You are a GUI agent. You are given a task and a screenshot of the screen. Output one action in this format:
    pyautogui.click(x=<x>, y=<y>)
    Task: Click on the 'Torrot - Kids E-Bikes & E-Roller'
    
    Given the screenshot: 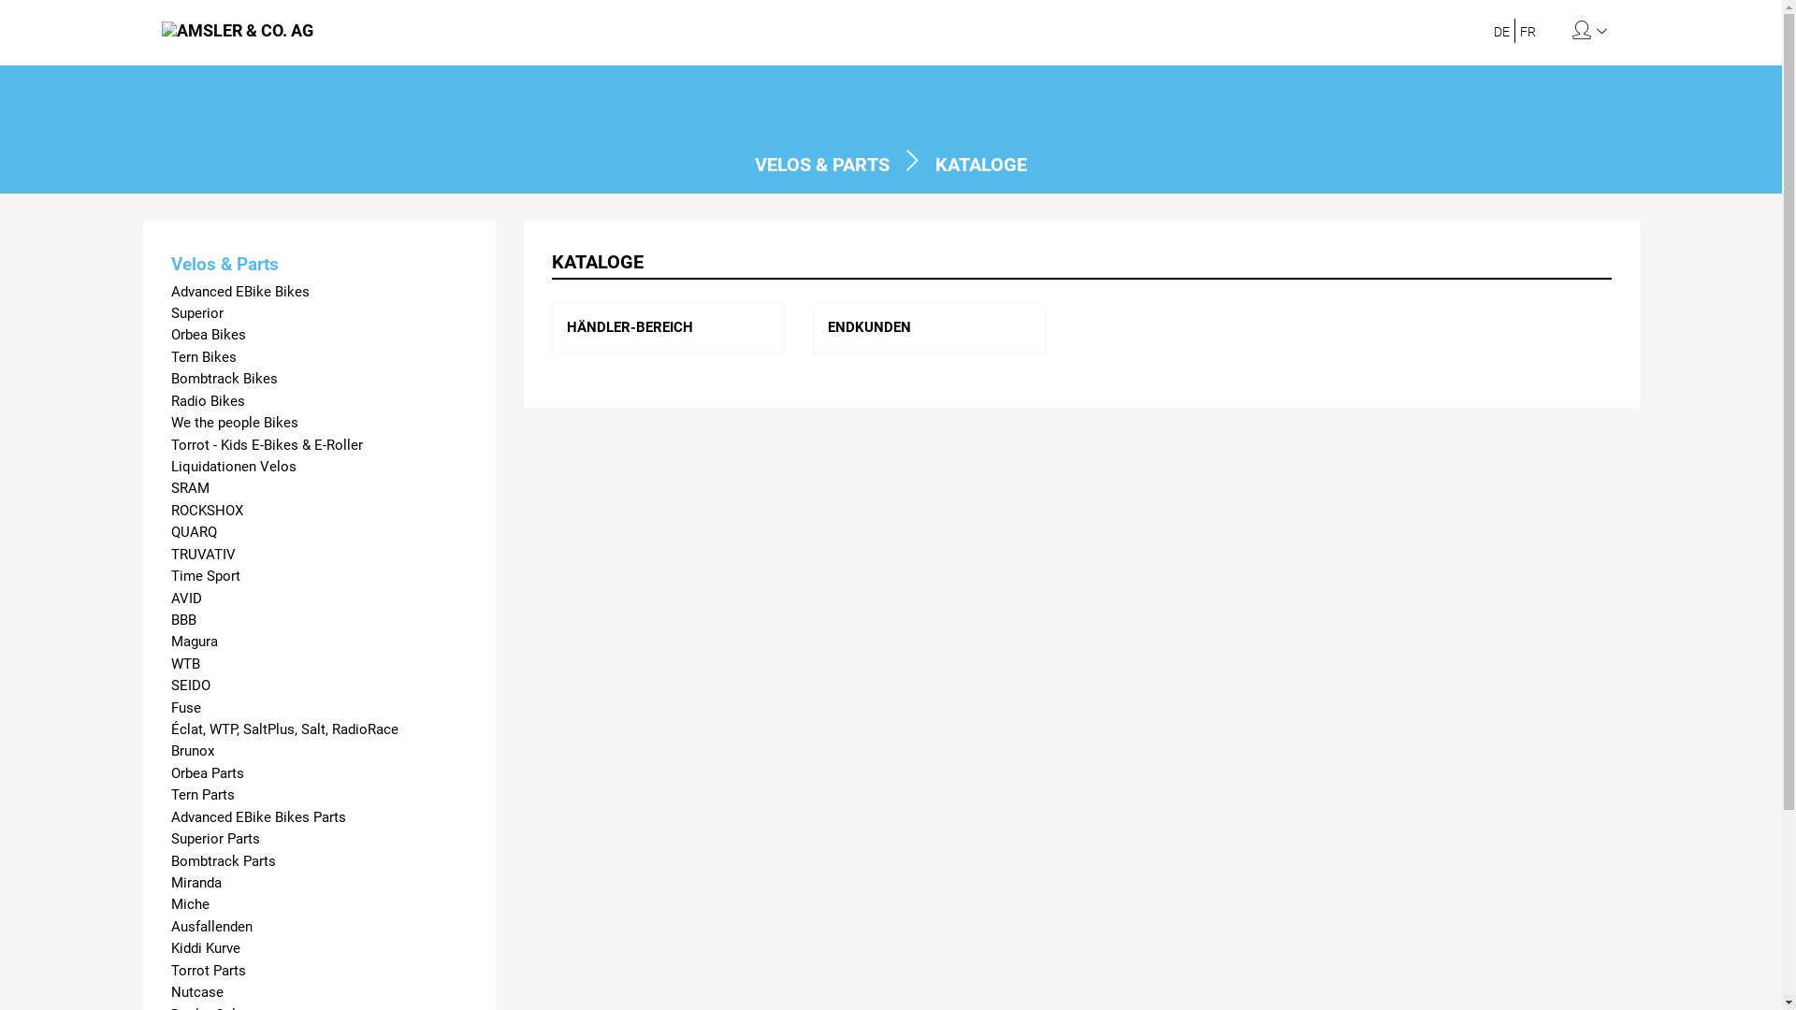 What is the action you would take?
    pyautogui.click(x=318, y=445)
    